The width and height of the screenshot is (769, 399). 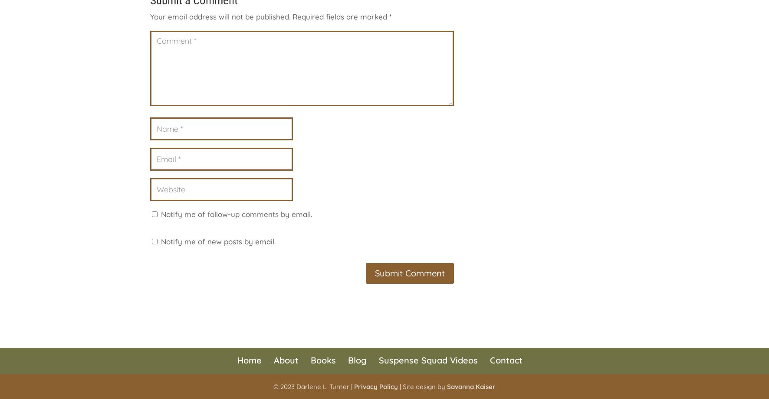 What do you see at coordinates (249, 359) in the screenshot?
I see `'Home'` at bounding box center [249, 359].